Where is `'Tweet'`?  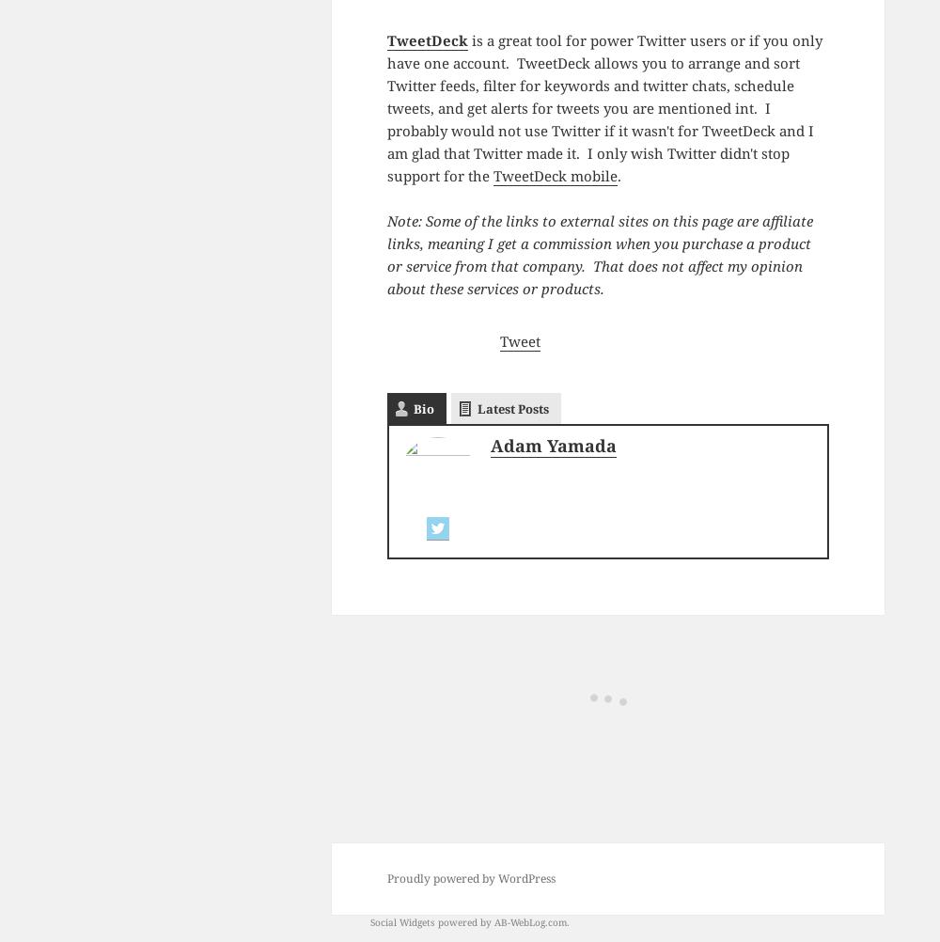 'Tweet' is located at coordinates (519, 341).